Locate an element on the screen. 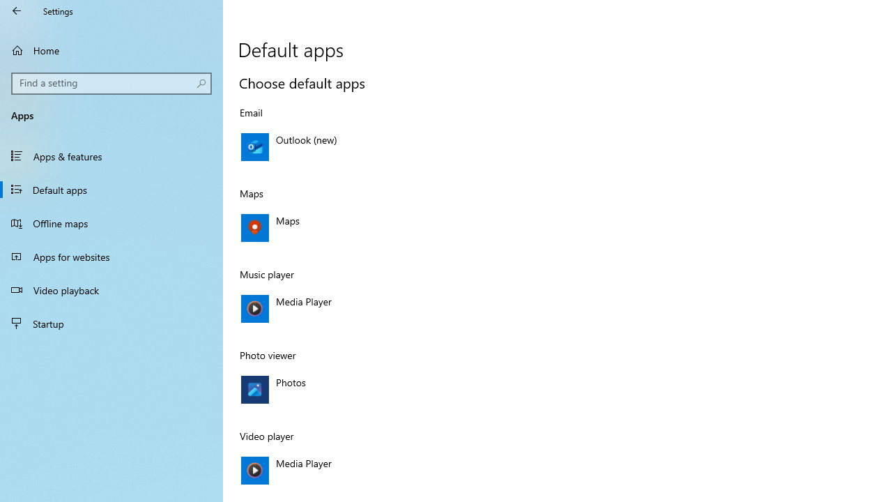  'Startup' is located at coordinates (111, 324).